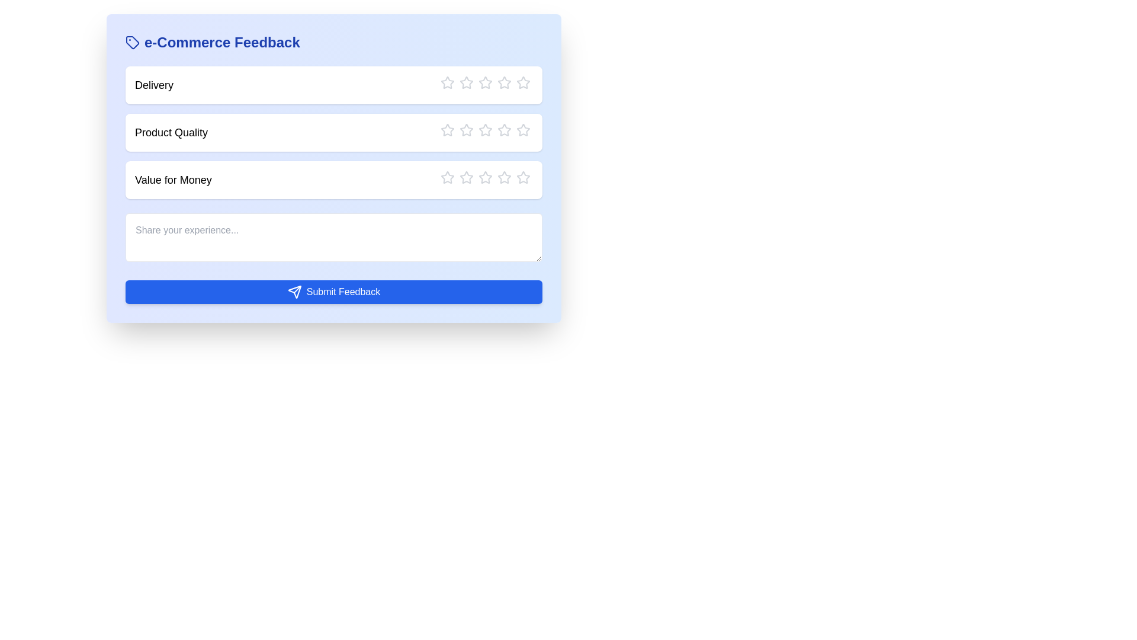 This screenshot has width=1137, height=640. Describe the element at coordinates (459, 82) in the screenshot. I see `the star corresponding to the rating 2 for the category Delivery` at that location.